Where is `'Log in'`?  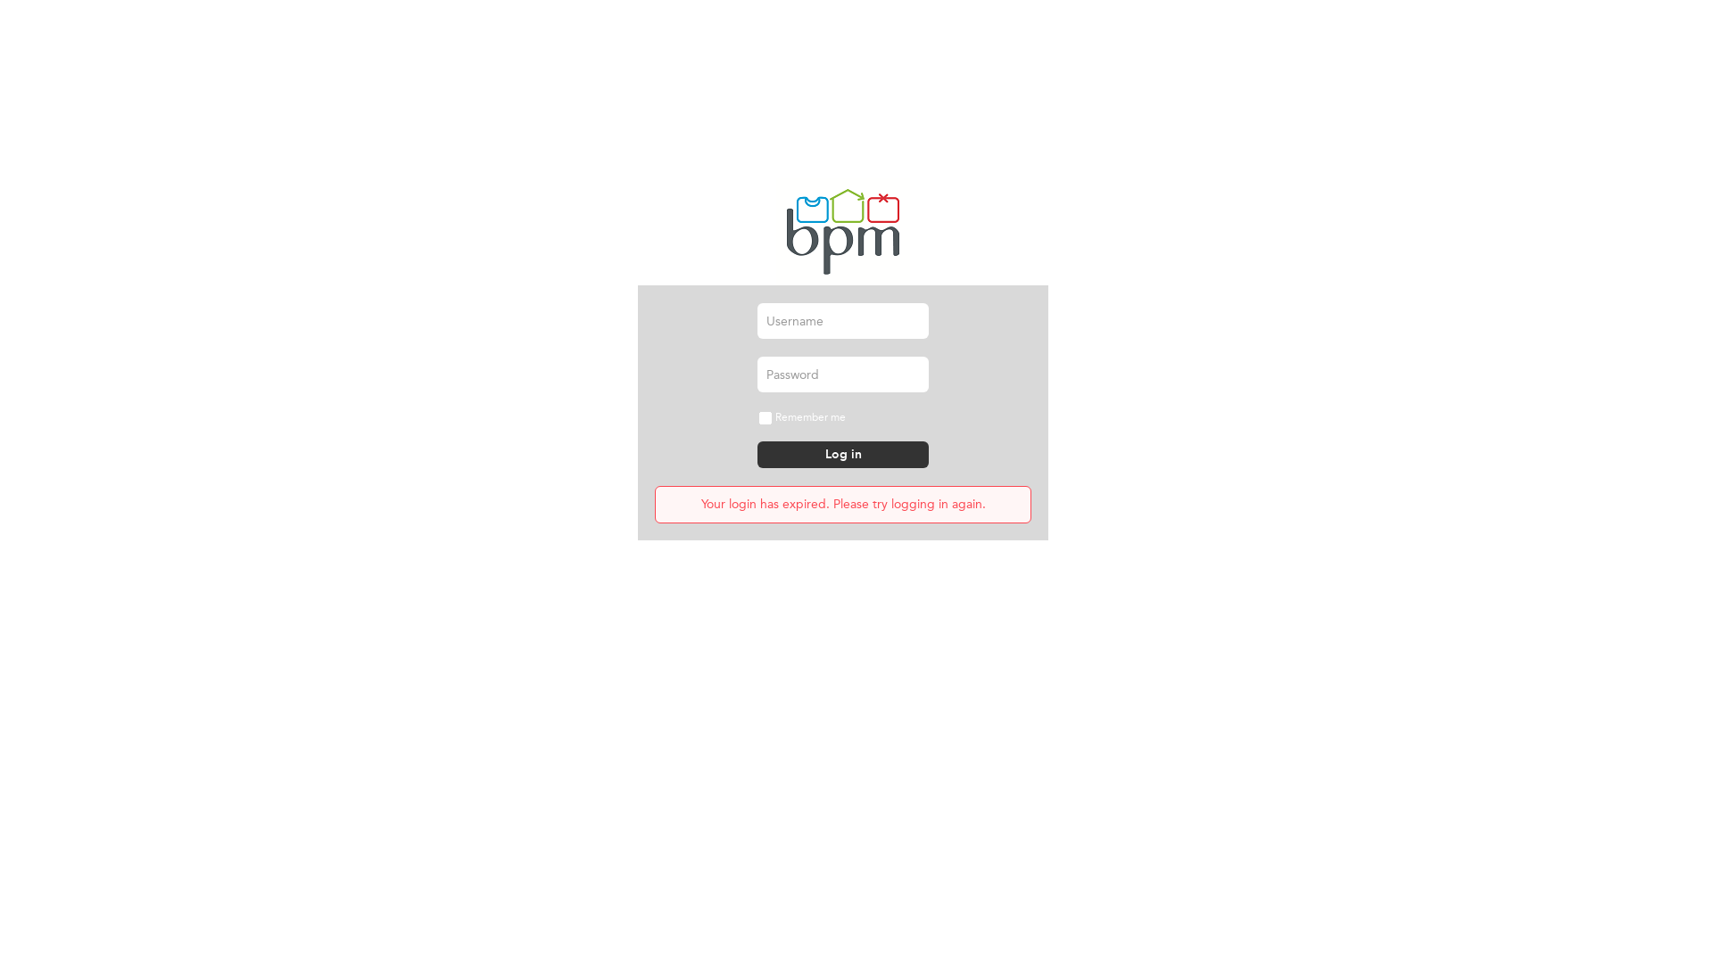 'Log in' is located at coordinates (842, 453).